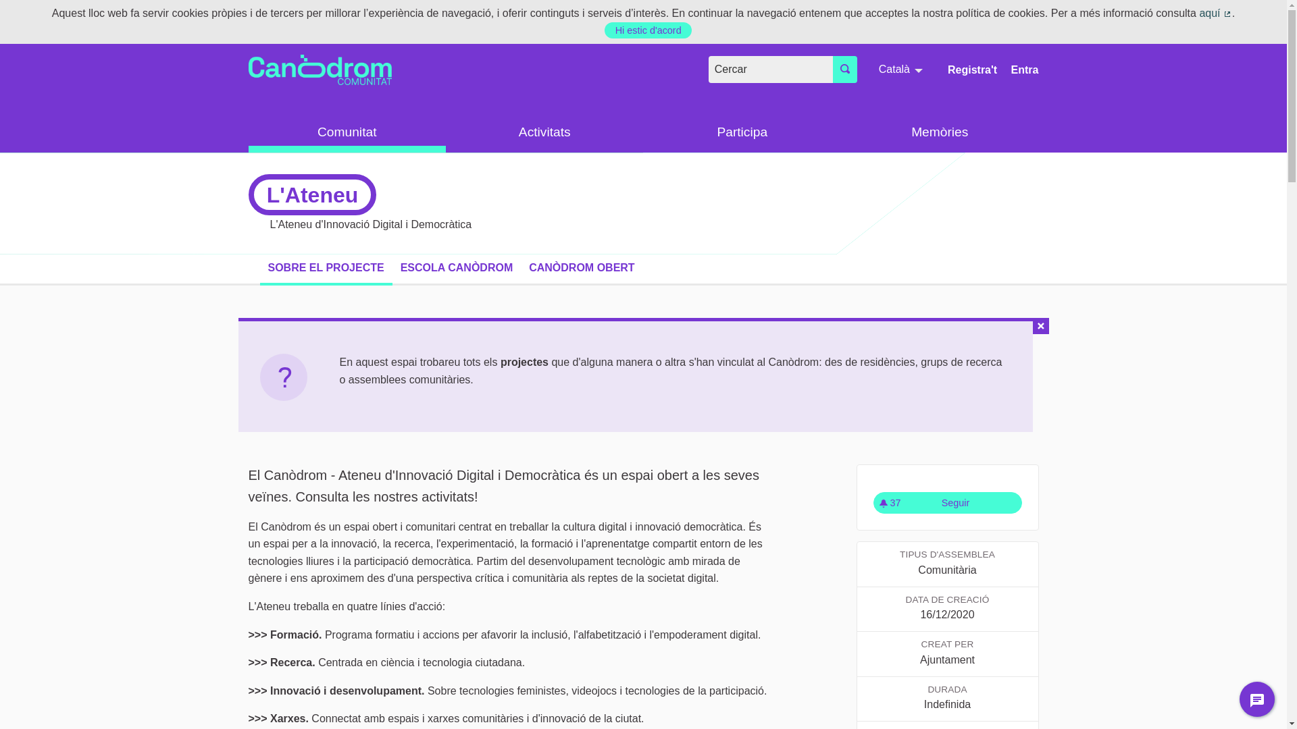 Image resolution: width=1297 pixels, height=729 pixels. I want to click on 'Comunitat', so click(249, 132).